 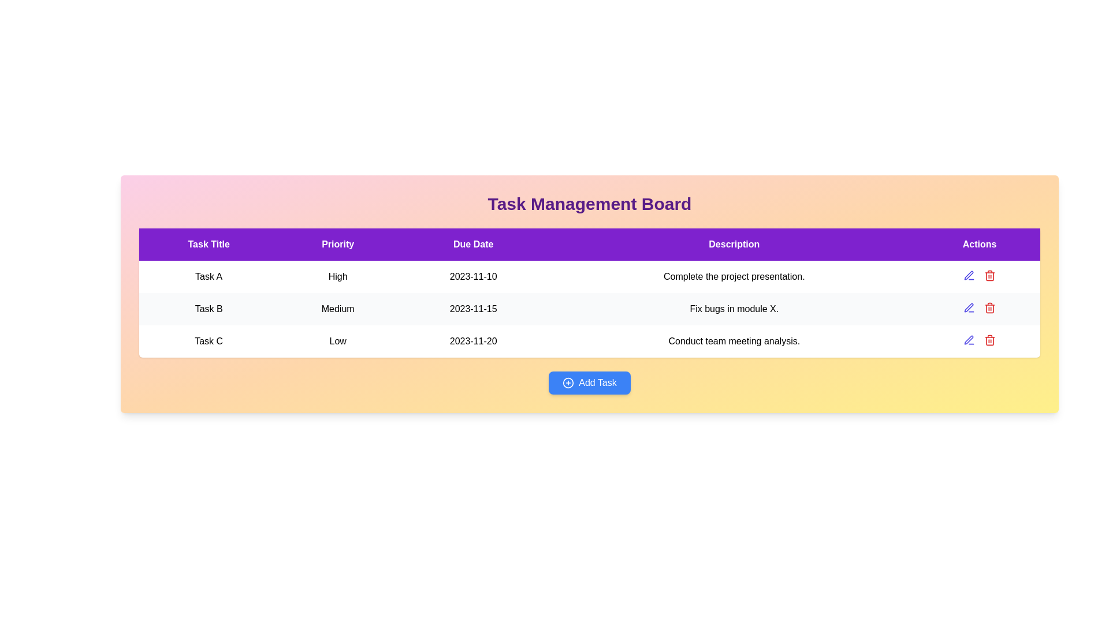 What do you see at coordinates (473, 244) in the screenshot?
I see `the 'Due Date' column header label in the task management table, which is the third column header from the left, providing context for the data under this column` at bounding box center [473, 244].